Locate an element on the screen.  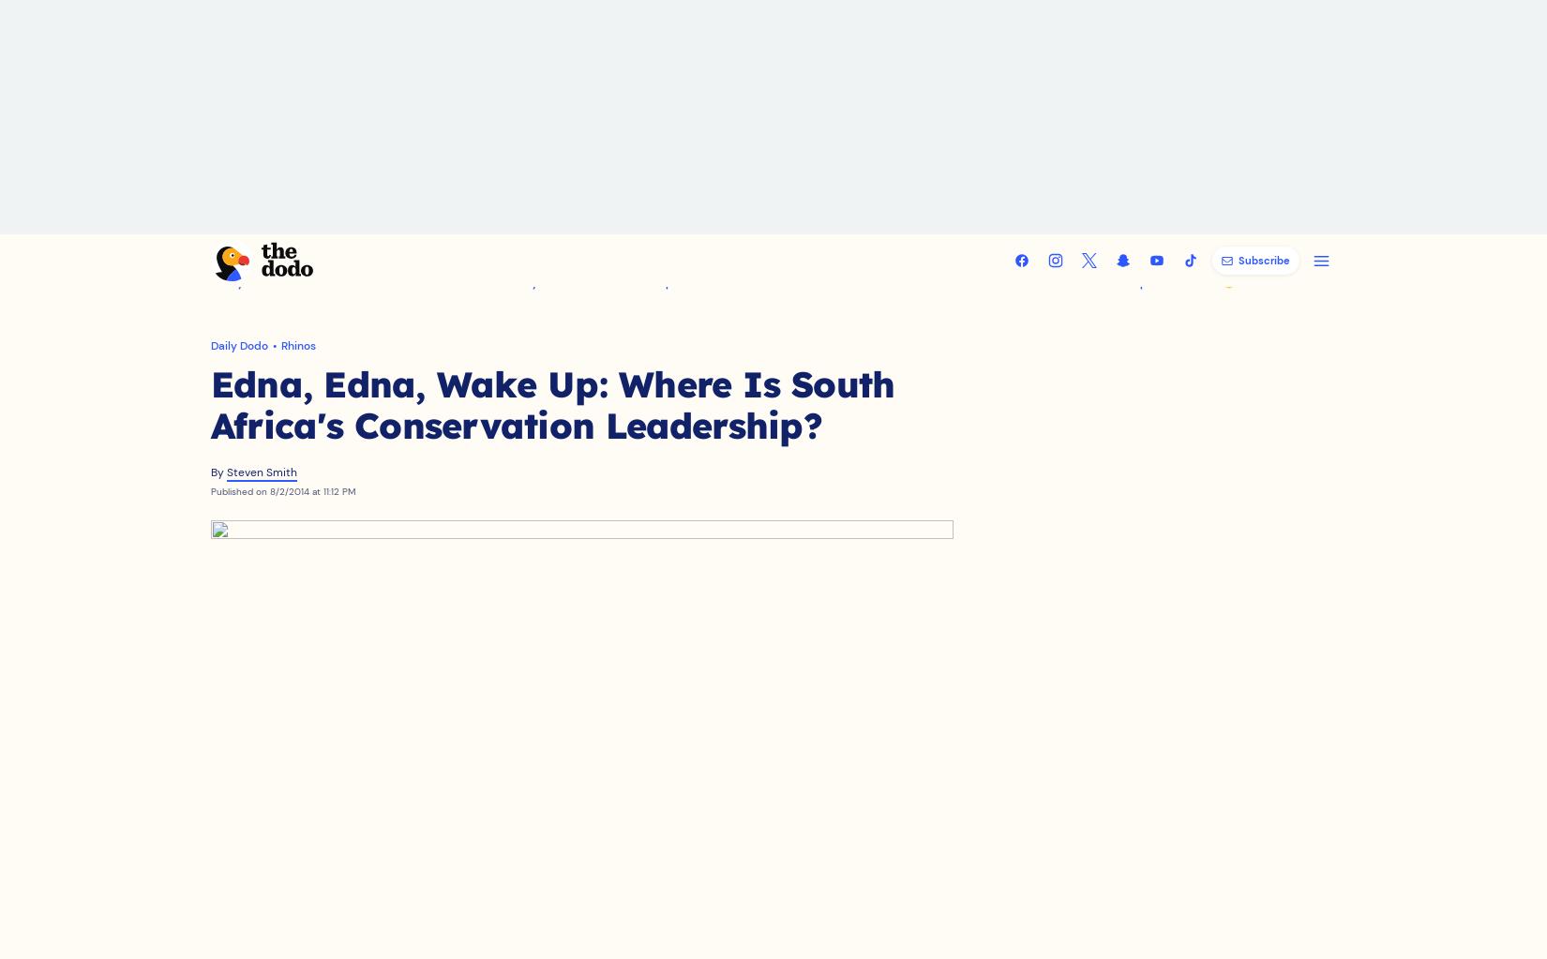
'Dodo Kids' is located at coordinates (1071, 302).